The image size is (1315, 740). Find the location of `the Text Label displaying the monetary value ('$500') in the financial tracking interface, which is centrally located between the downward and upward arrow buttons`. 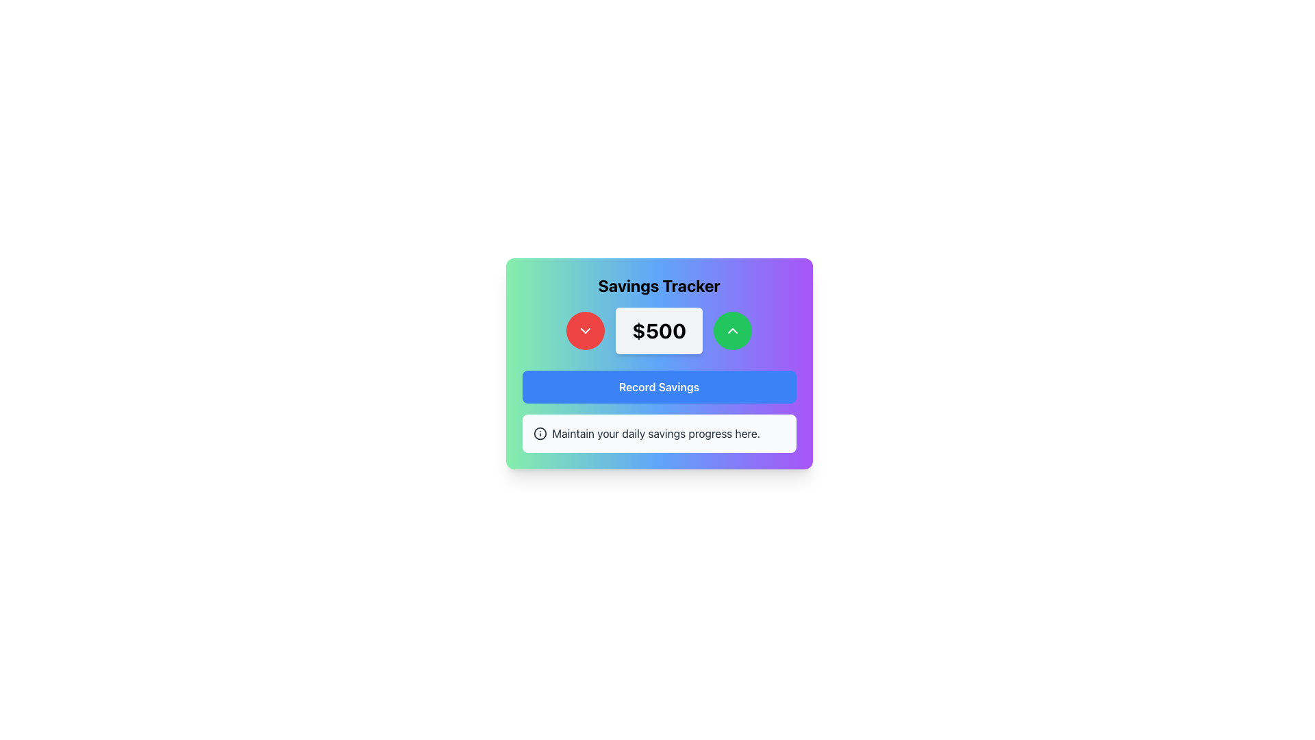

the Text Label displaying the monetary value ('$500') in the financial tracking interface, which is centrally located between the downward and upward arrow buttons is located at coordinates (659, 330).